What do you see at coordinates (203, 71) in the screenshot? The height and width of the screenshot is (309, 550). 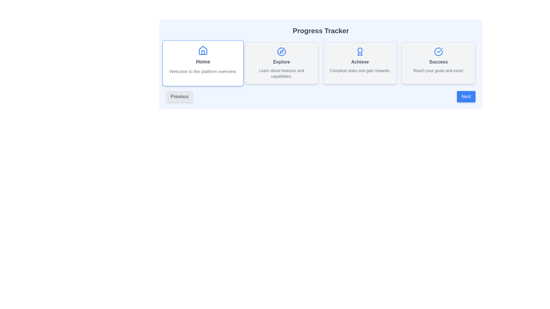 I see `descriptive text label located below the 'Home' section to understand its purpose and content` at bounding box center [203, 71].